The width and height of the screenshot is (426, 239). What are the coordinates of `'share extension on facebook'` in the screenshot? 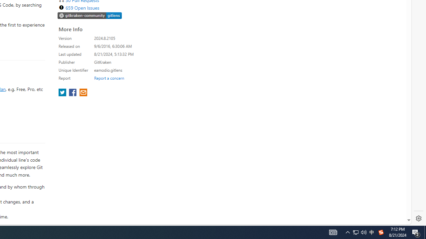 It's located at (73, 93).